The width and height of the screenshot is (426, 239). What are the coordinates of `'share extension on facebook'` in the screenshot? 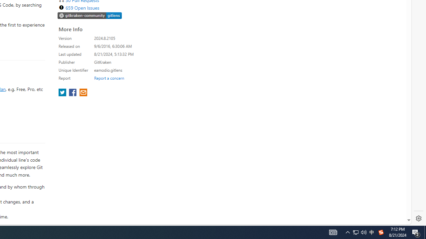 It's located at (73, 93).